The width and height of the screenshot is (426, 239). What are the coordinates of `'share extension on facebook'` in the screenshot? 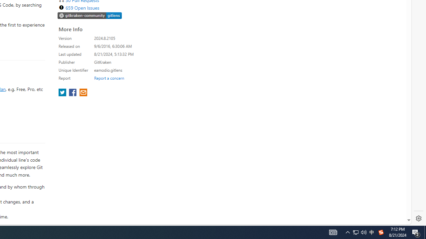 It's located at (73, 93).